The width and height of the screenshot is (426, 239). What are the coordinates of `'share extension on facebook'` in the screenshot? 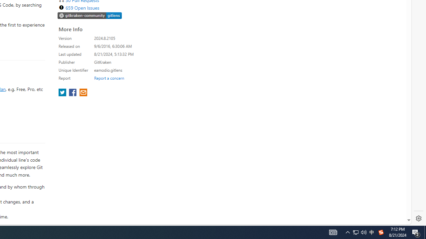 It's located at (73, 93).